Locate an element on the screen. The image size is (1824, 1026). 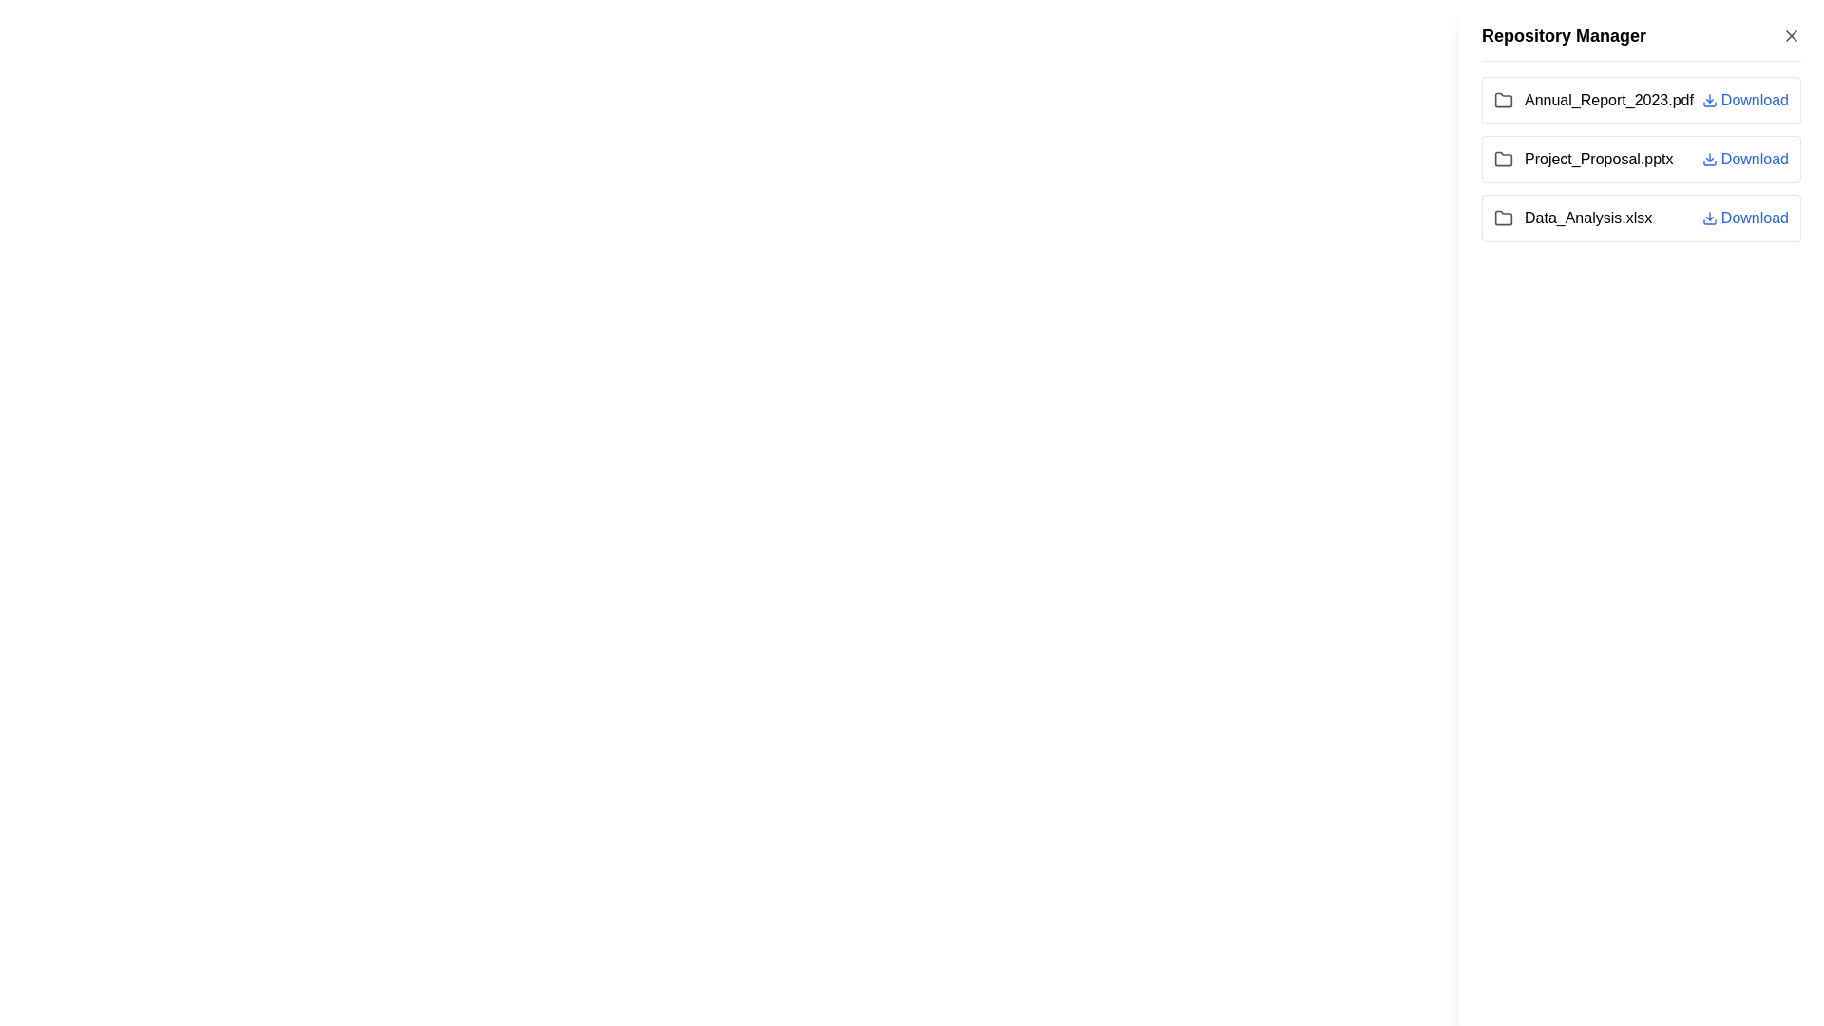
the gray folder icon located at the leftmost part of the row displaying 'Data_Analysis.xlsx' is located at coordinates (1503, 218).